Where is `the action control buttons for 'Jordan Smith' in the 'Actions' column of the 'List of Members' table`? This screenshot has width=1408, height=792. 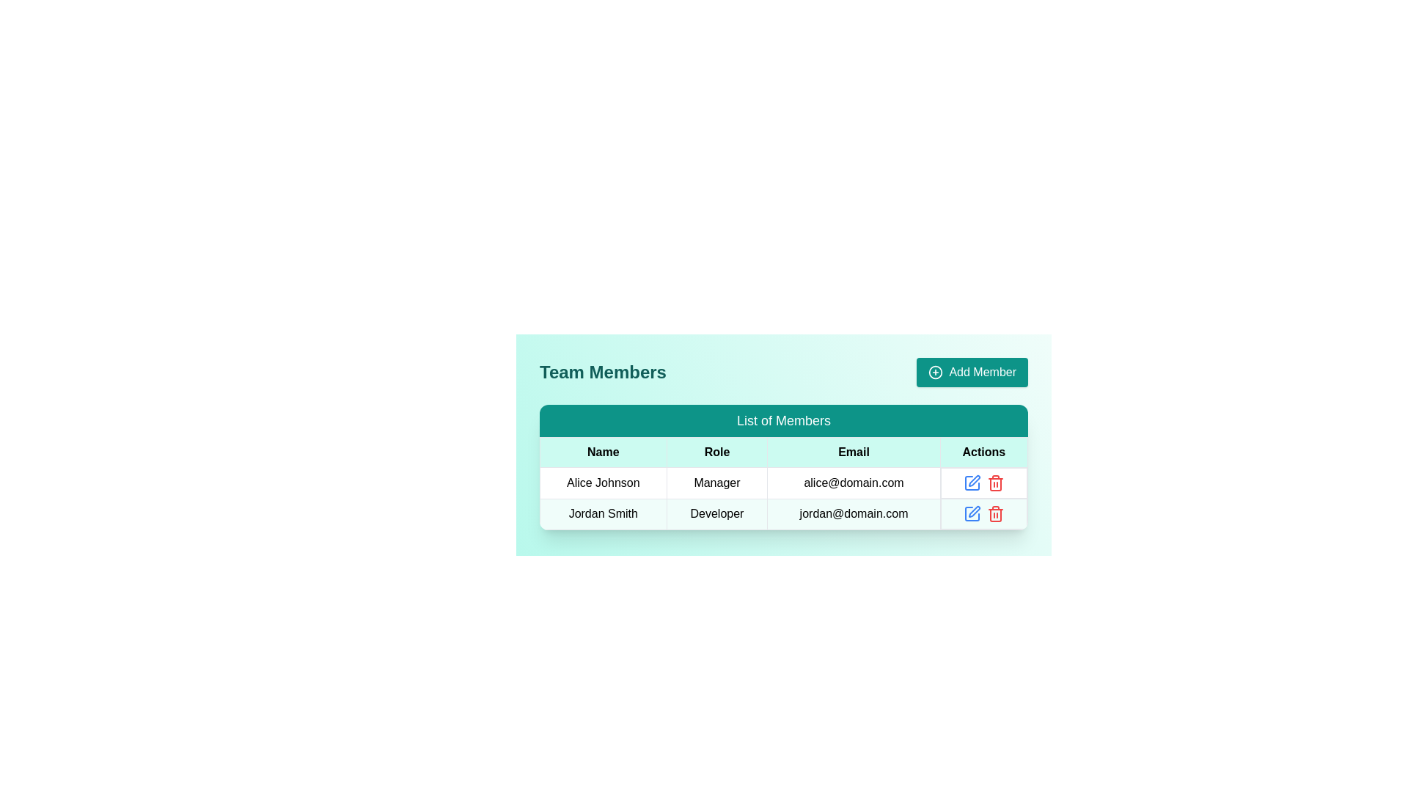 the action control buttons for 'Jordan Smith' in the 'Actions' column of the 'List of Members' table is located at coordinates (983, 513).